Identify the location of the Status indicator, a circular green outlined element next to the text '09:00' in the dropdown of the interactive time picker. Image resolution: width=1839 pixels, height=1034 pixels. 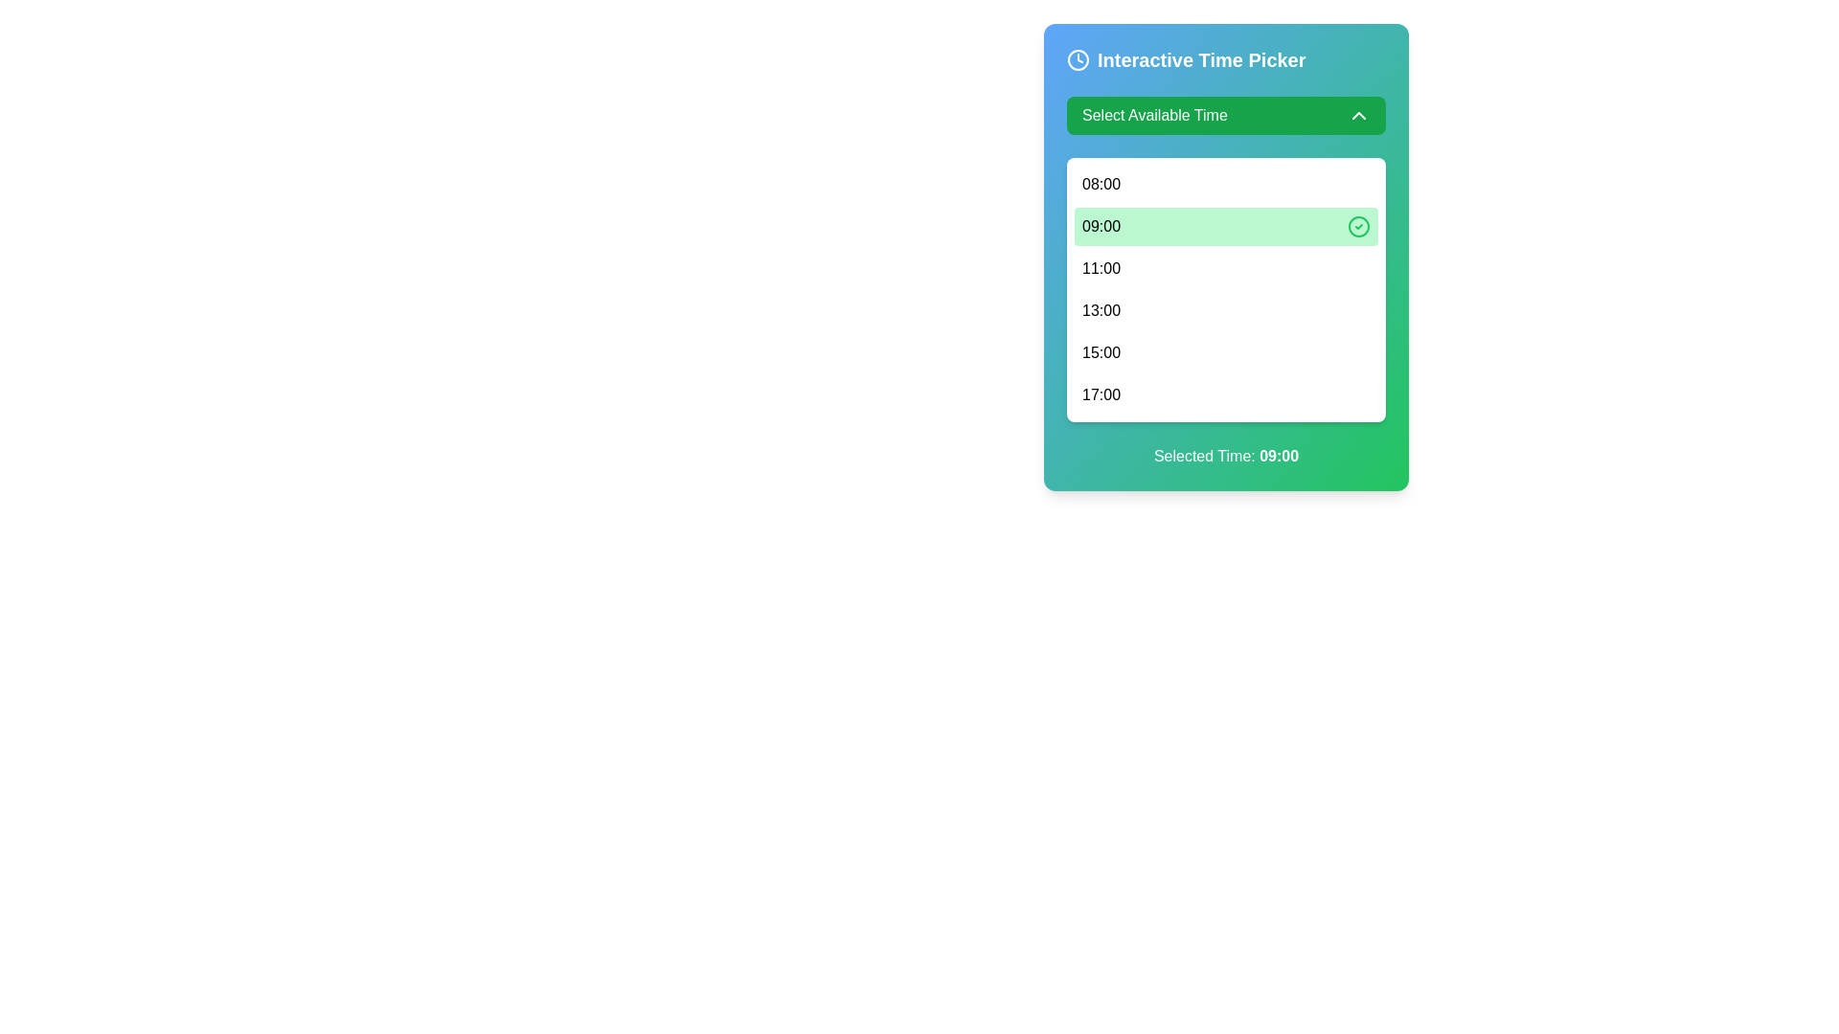
(1358, 225).